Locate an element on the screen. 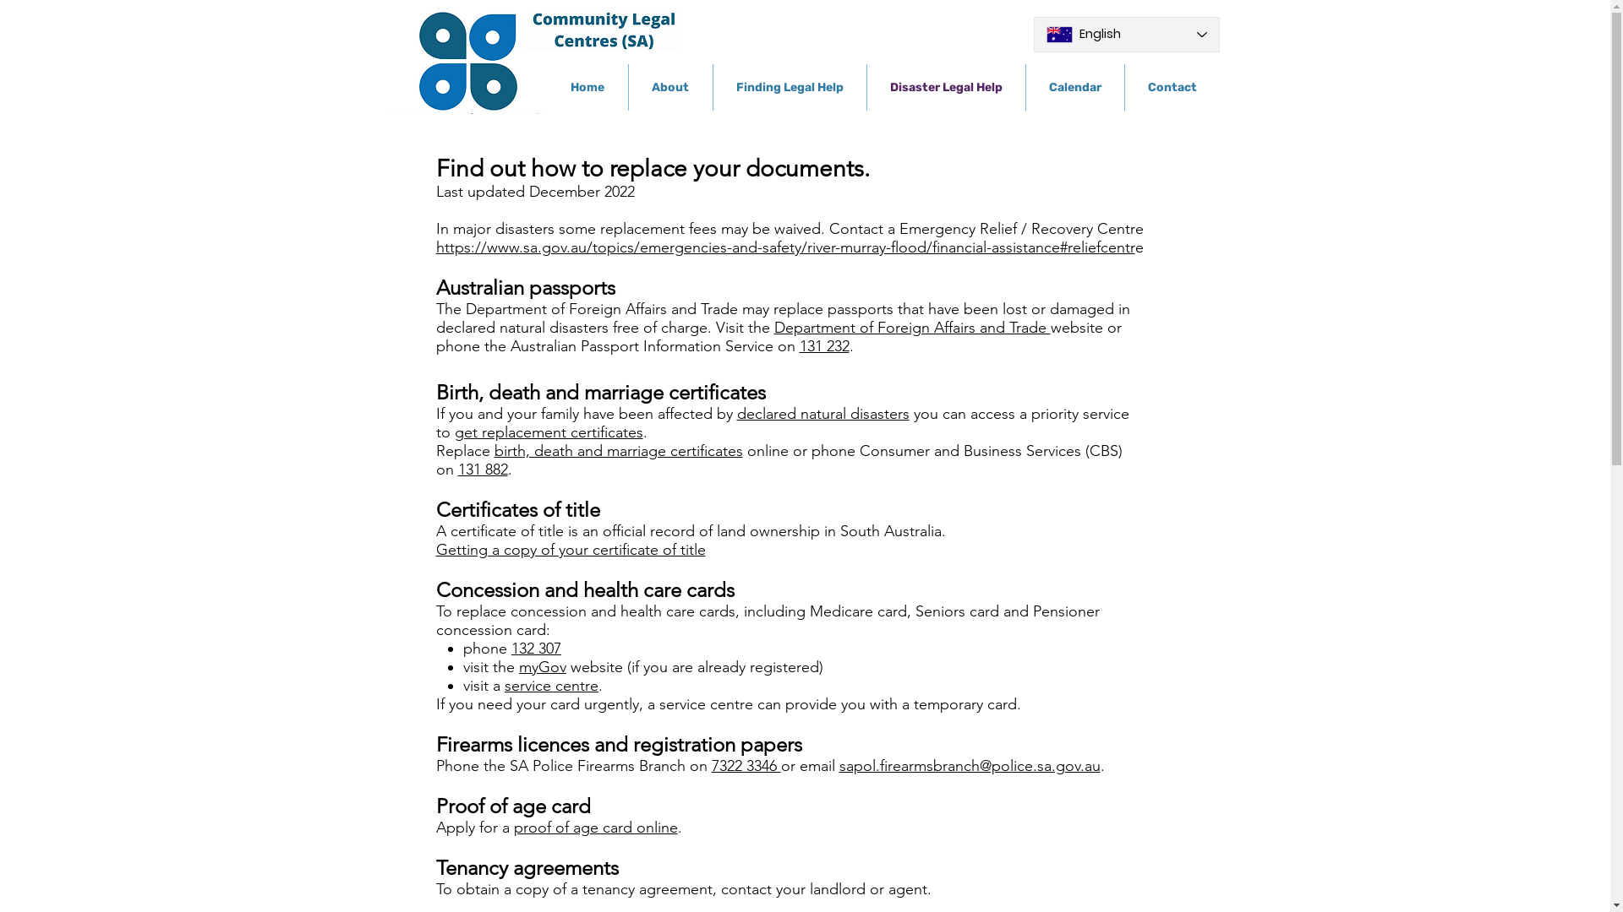  'Calendar' is located at coordinates (1074, 87).